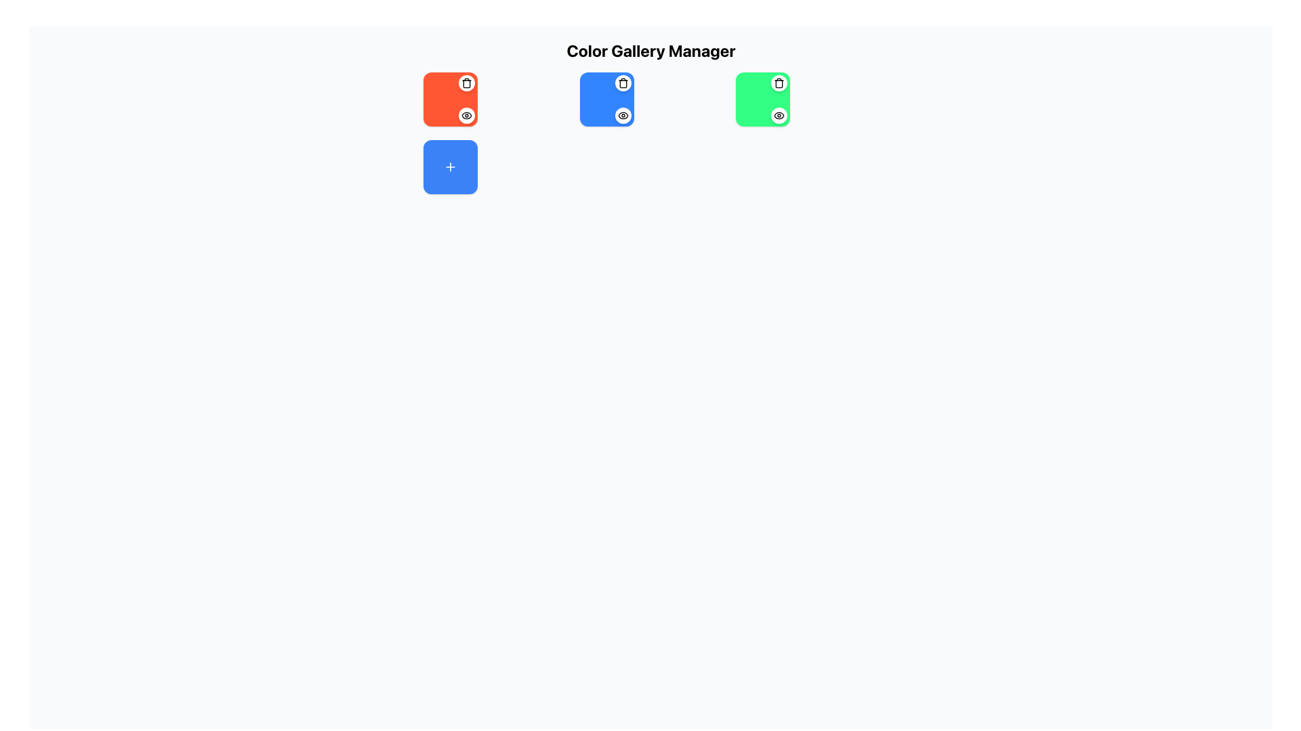 The width and height of the screenshot is (1301, 731). I want to click on the eye-shaped icon located in the bottom-right corner of the blue square card, so click(622, 114).